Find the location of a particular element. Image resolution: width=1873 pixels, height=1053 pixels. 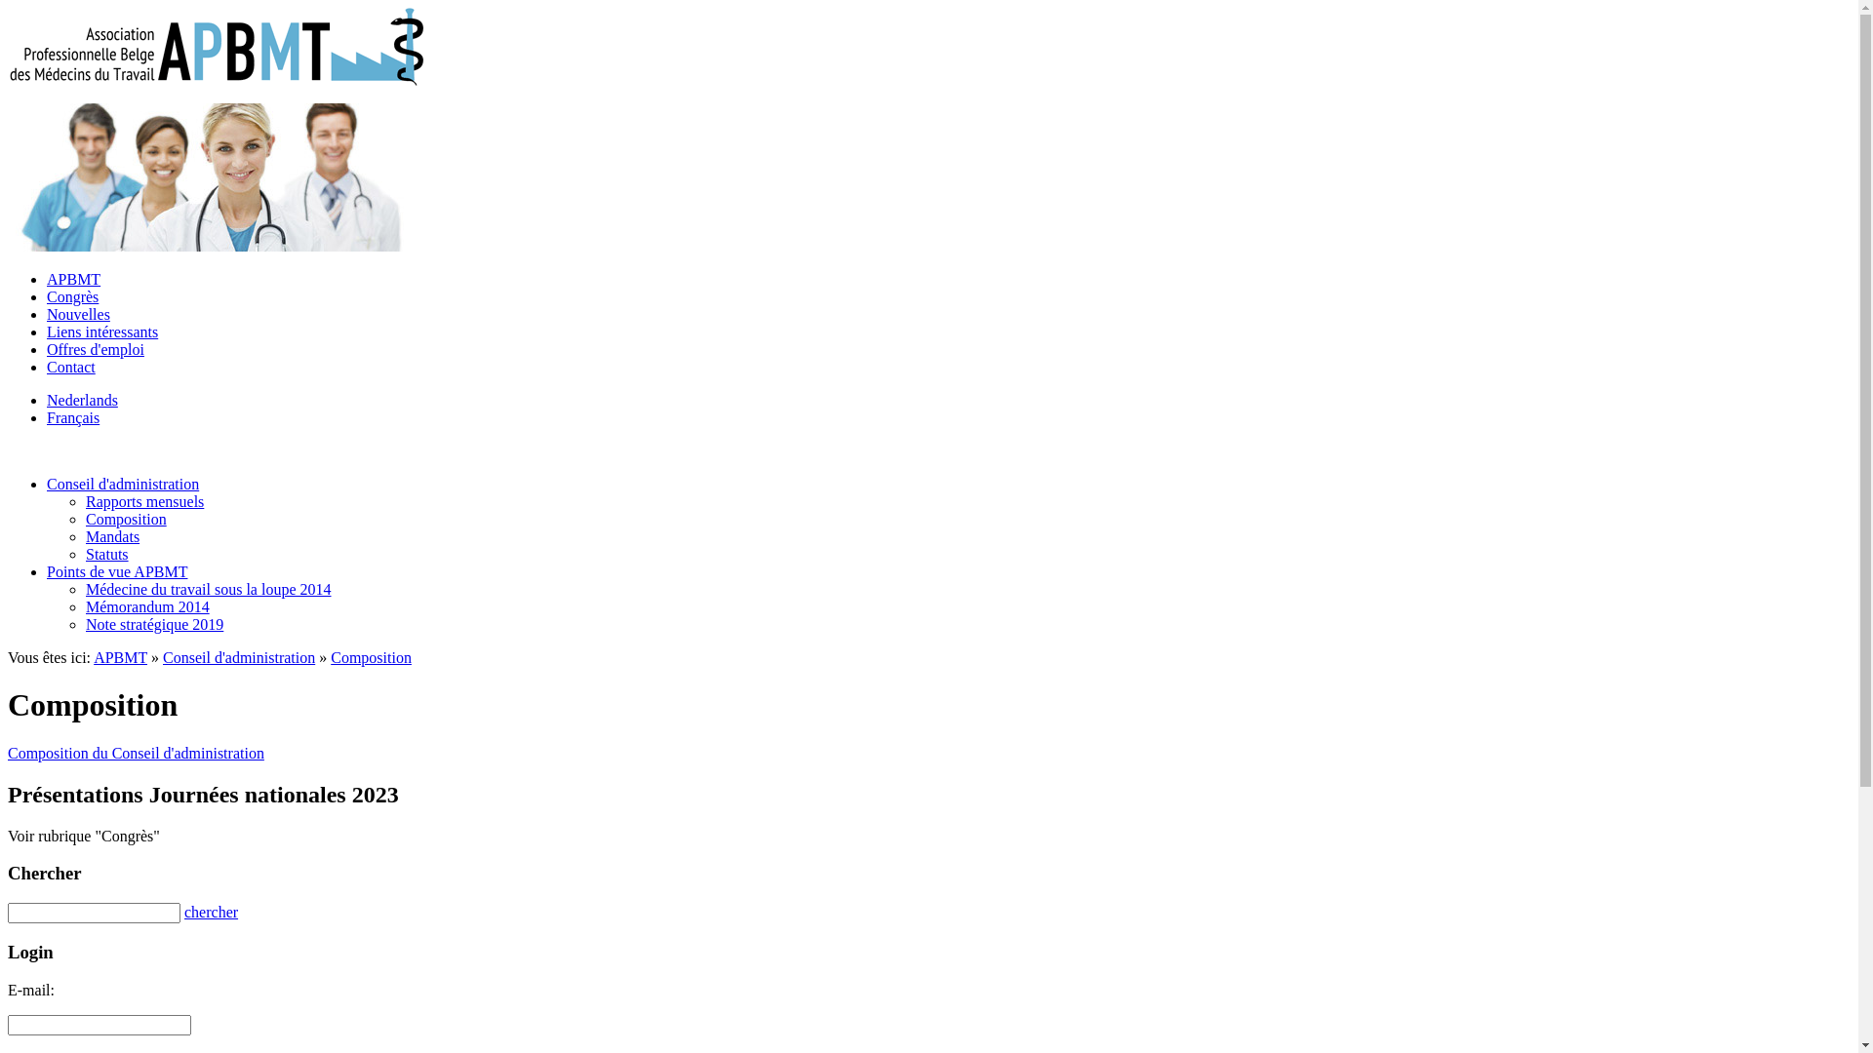

'chercher' is located at coordinates (211, 912).